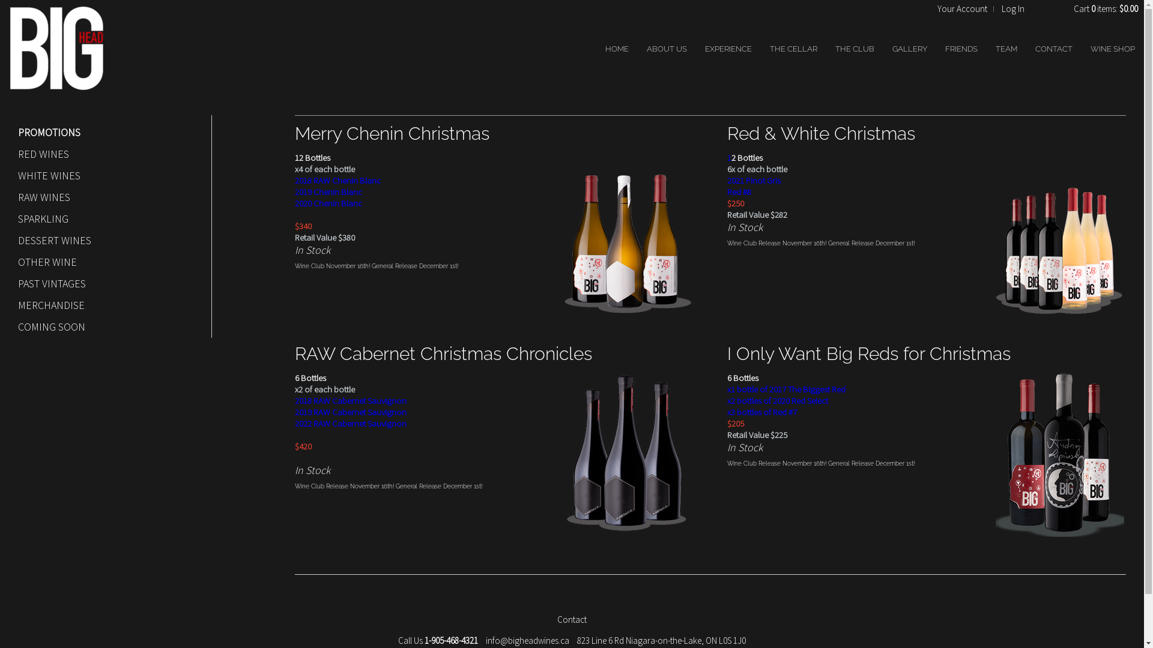 The width and height of the screenshot is (1153, 648). Describe the element at coordinates (854, 48) in the screenshot. I see `'THE CLUB'` at that location.